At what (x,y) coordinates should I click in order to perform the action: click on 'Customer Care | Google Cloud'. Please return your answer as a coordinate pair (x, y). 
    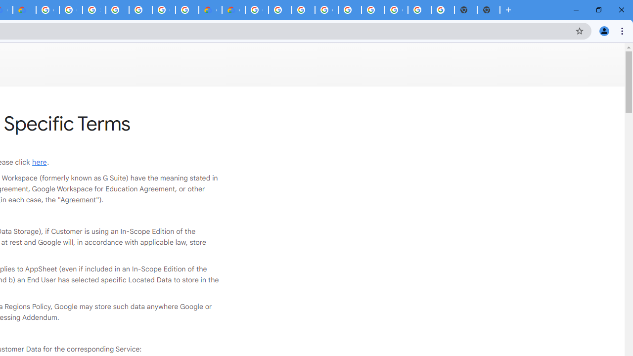
    Looking at the image, I should click on (210, 10).